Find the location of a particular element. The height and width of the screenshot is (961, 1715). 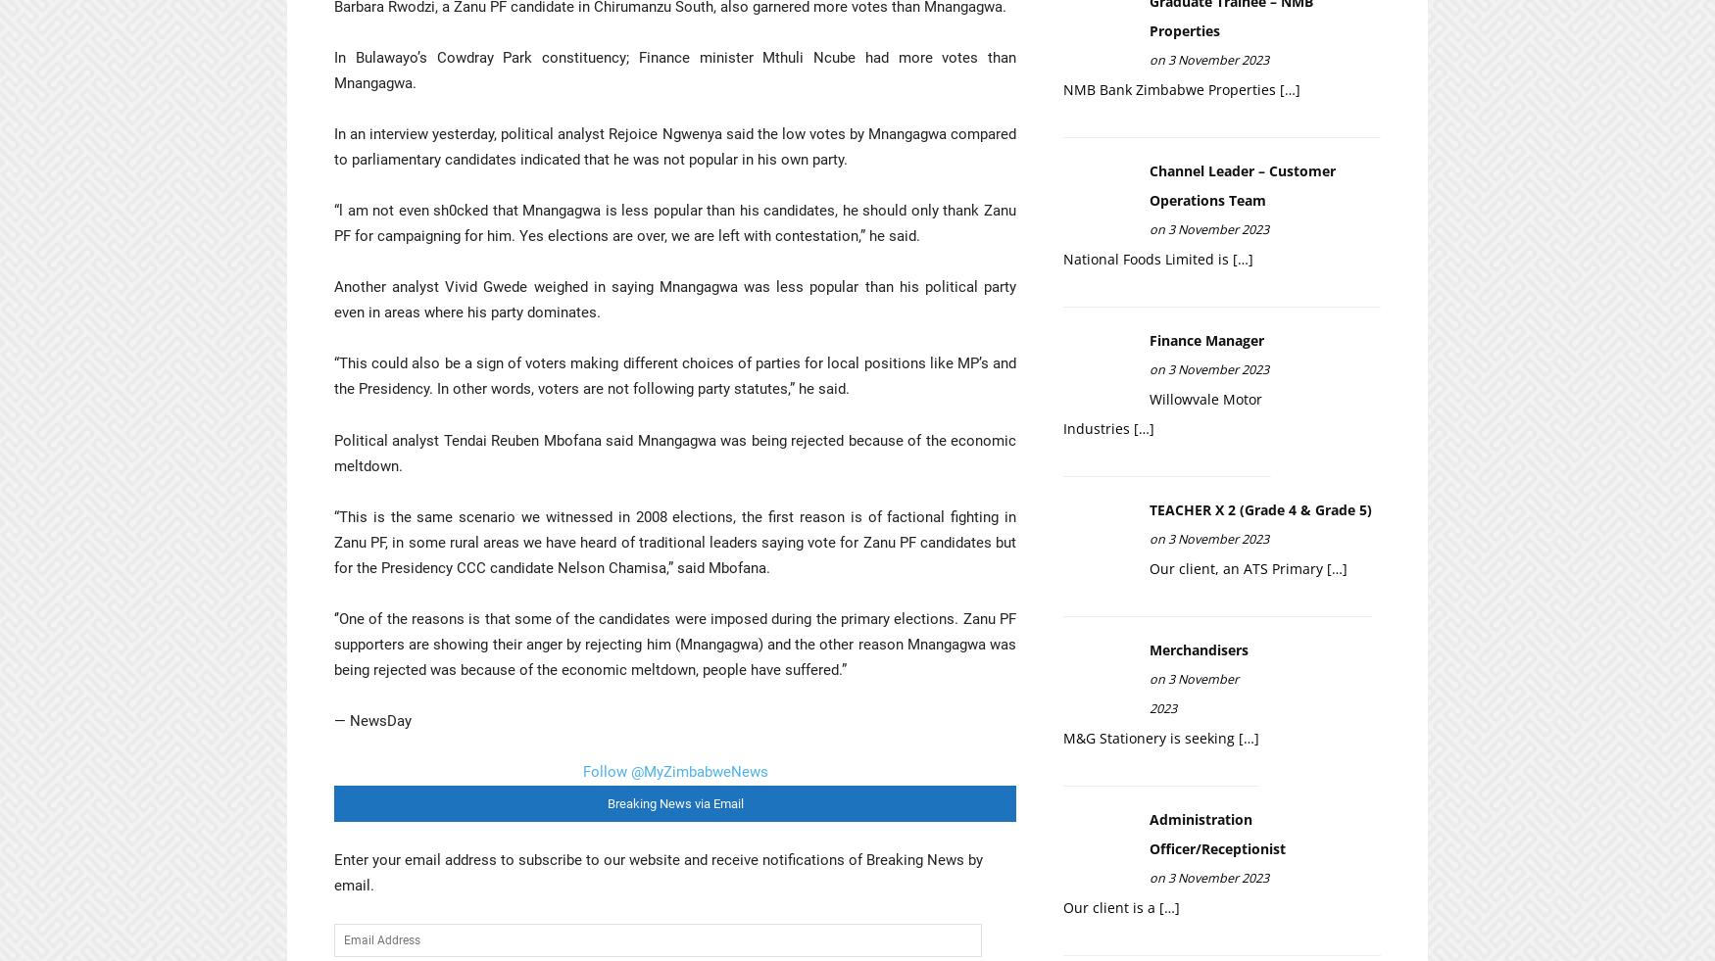

'Breaking News via Email' is located at coordinates (674, 802).